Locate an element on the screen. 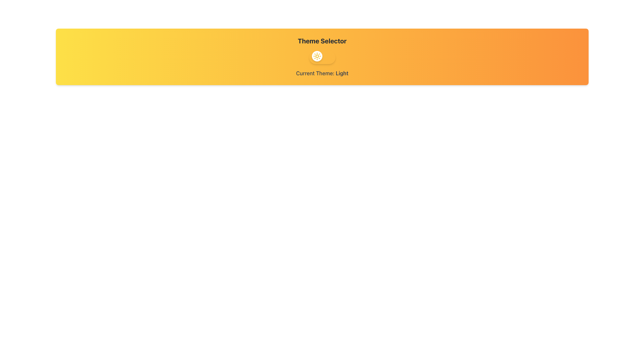  the sun icon located in the theme selector button, which is characterized by a central circular shape surrounded by rays and rendered in yellow, beneath the 'Theme Selector' heading is located at coordinates (317, 56).